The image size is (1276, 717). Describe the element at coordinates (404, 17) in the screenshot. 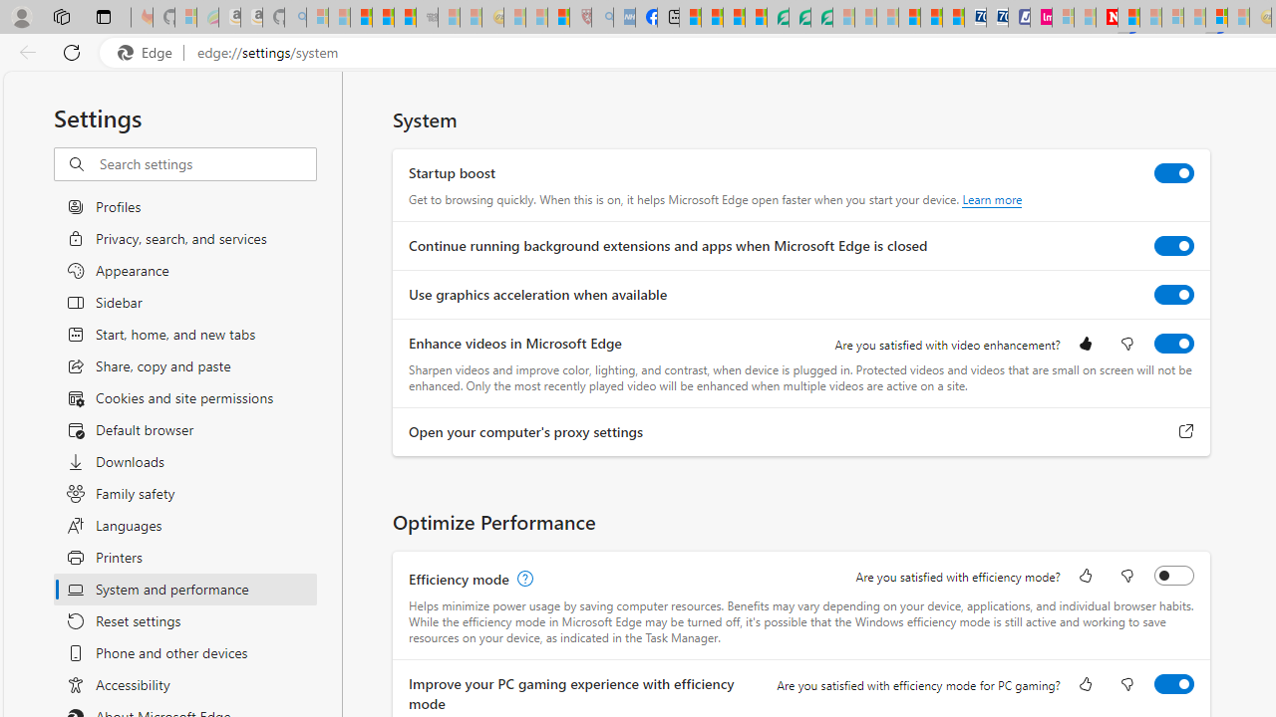

I see `'New Report Confirms 2023 Was Record Hot | Watch'` at that location.